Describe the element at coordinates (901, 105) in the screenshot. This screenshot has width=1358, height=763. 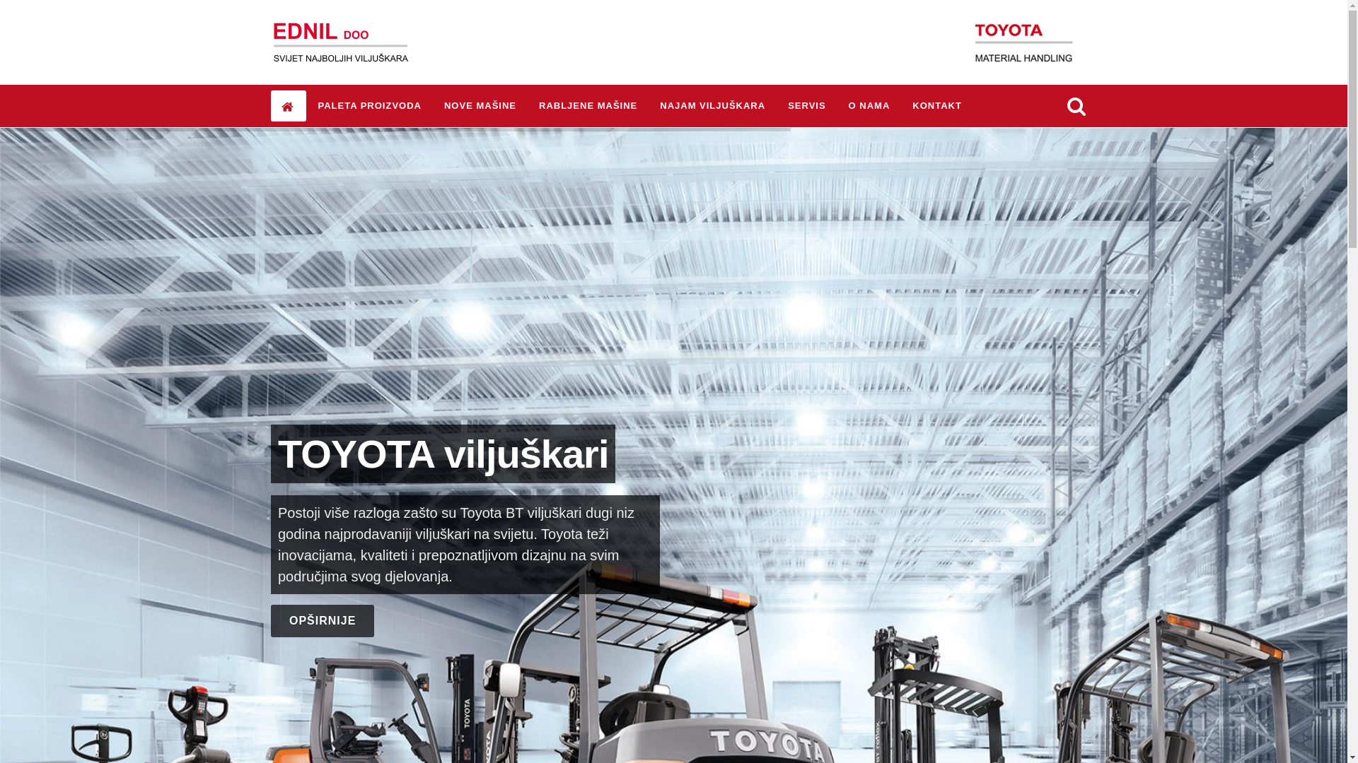
I see `'KONTAKT'` at that location.